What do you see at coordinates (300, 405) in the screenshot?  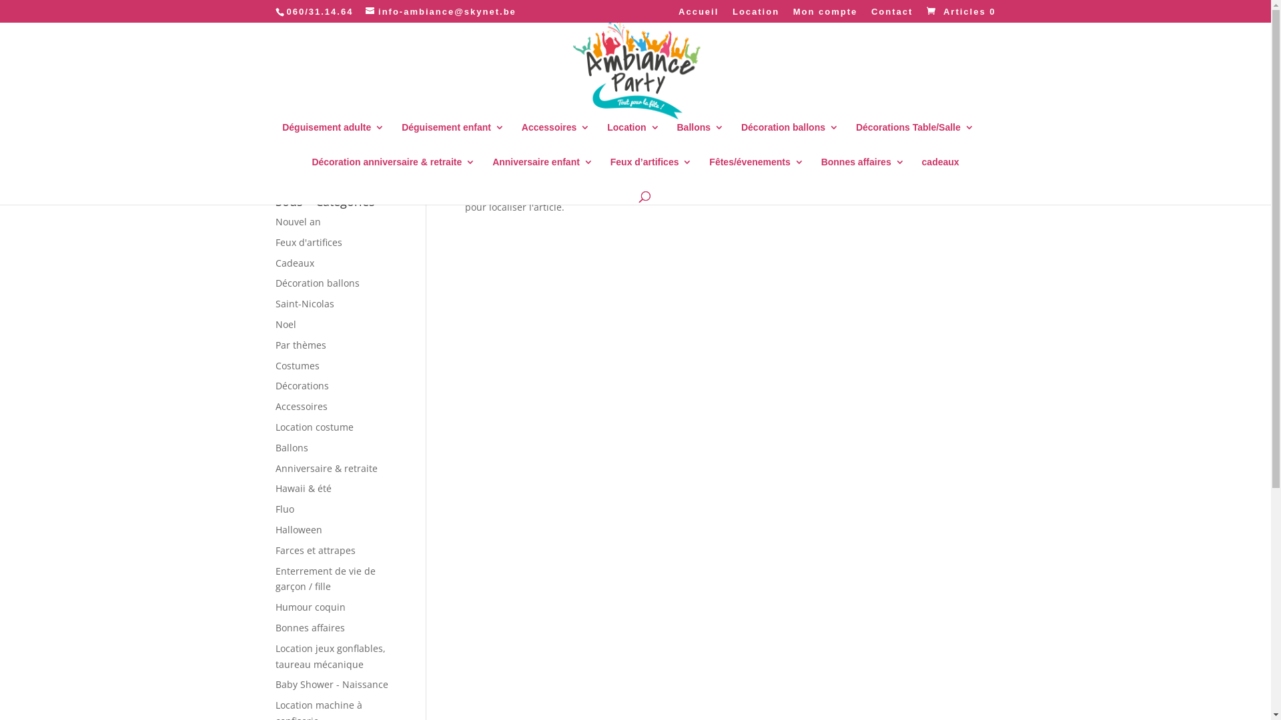 I see `'Accessoires'` at bounding box center [300, 405].